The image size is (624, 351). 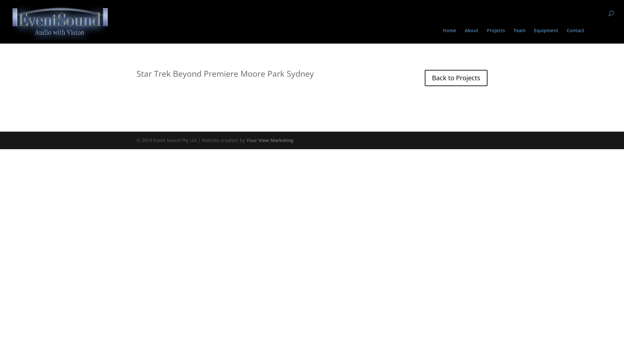 I want to click on 'About', so click(x=471, y=36).